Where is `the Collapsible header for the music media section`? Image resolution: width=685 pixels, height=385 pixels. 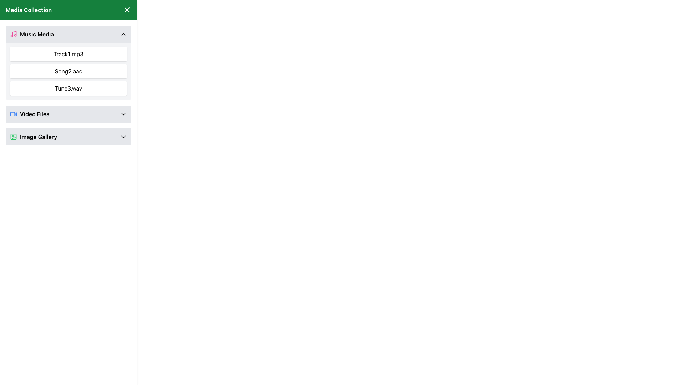 the Collapsible header for the music media section is located at coordinates (31, 34).